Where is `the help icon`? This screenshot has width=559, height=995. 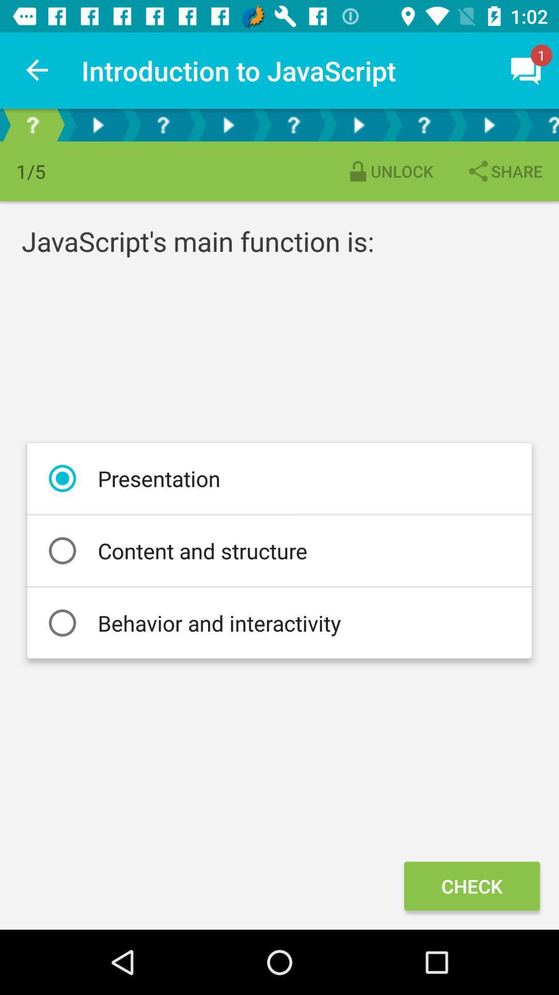 the help icon is located at coordinates (163, 124).